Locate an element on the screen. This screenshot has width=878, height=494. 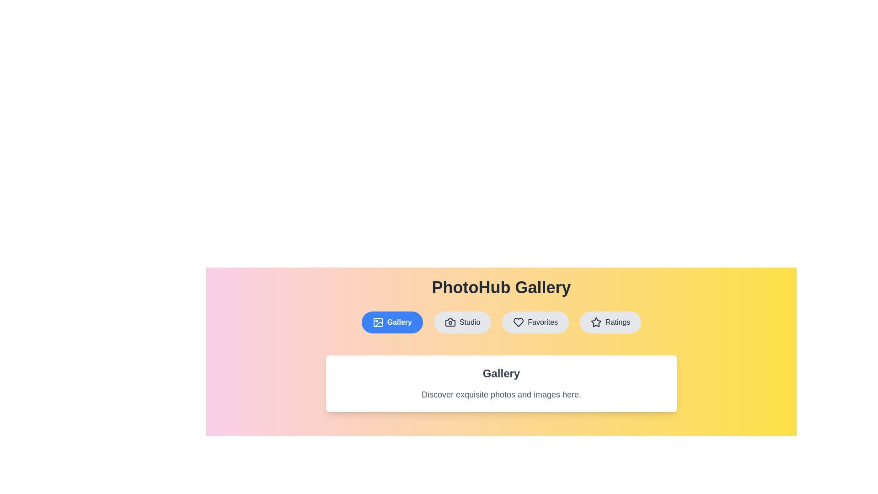
the tab labeled Ratings to switch to the corresponding view is located at coordinates (610, 322).